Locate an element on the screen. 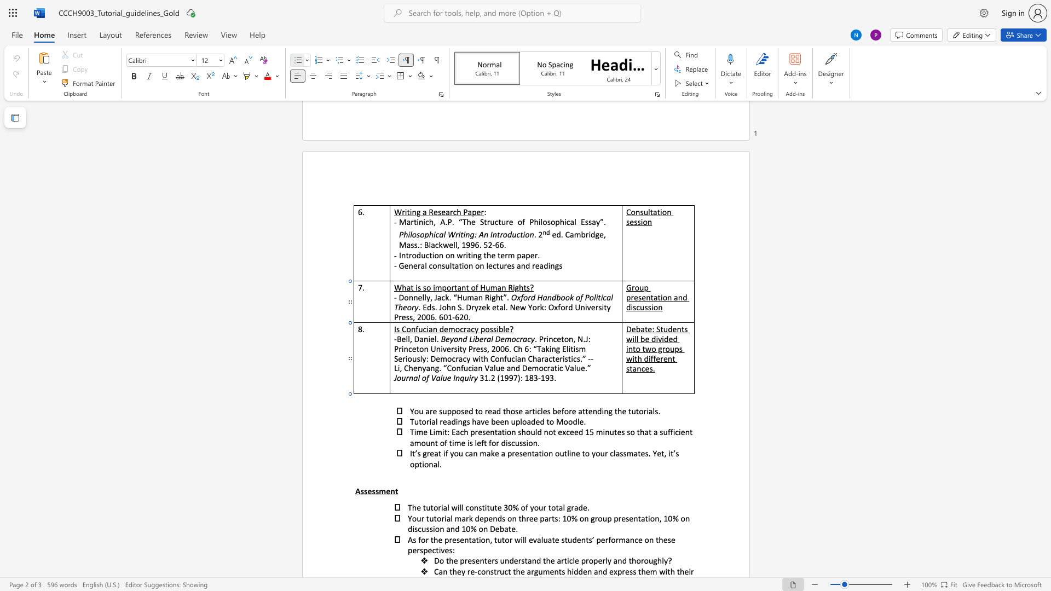  the 4th character "i" in the text is located at coordinates (669, 453).